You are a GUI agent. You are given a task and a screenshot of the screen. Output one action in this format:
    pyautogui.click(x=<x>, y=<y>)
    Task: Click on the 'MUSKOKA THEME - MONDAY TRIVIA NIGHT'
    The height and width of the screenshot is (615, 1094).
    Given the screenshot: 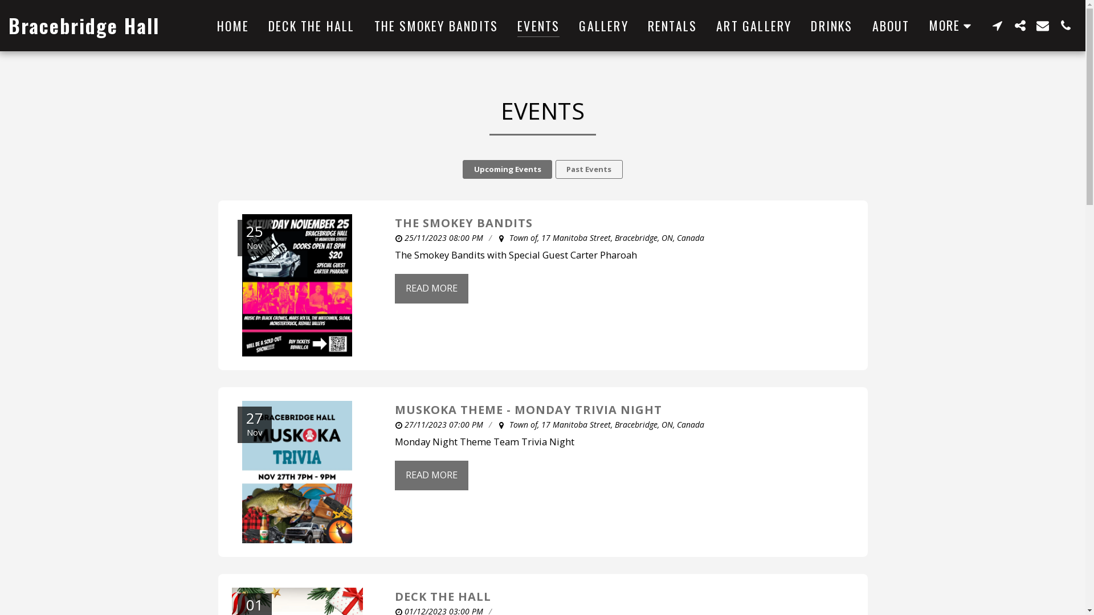 What is the action you would take?
    pyautogui.click(x=527, y=409)
    